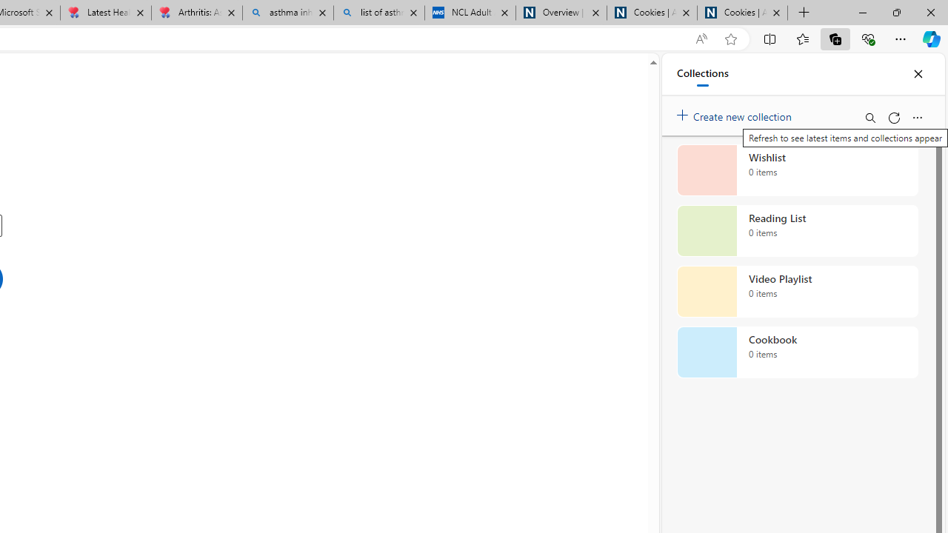 The width and height of the screenshot is (948, 533). What do you see at coordinates (916, 117) in the screenshot?
I see `'More options menu'` at bounding box center [916, 117].